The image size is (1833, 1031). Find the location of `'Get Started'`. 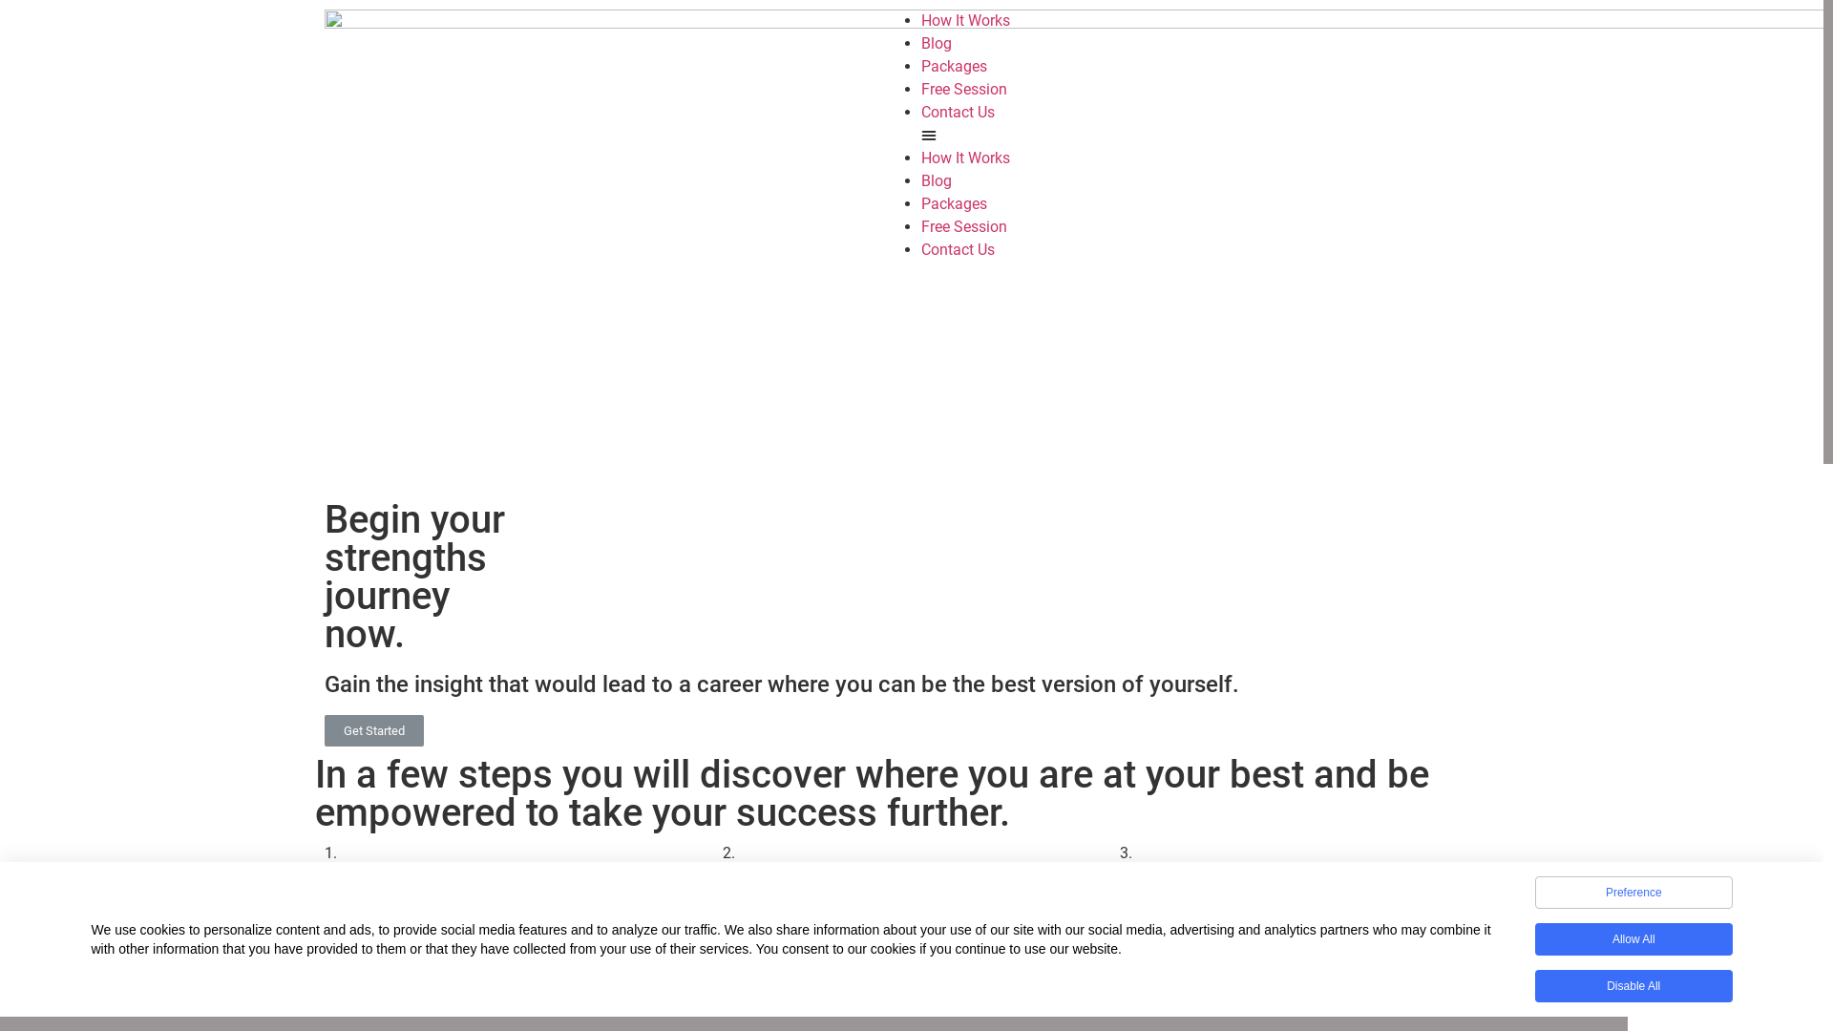

'Get Started' is located at coordinates (374, 730).